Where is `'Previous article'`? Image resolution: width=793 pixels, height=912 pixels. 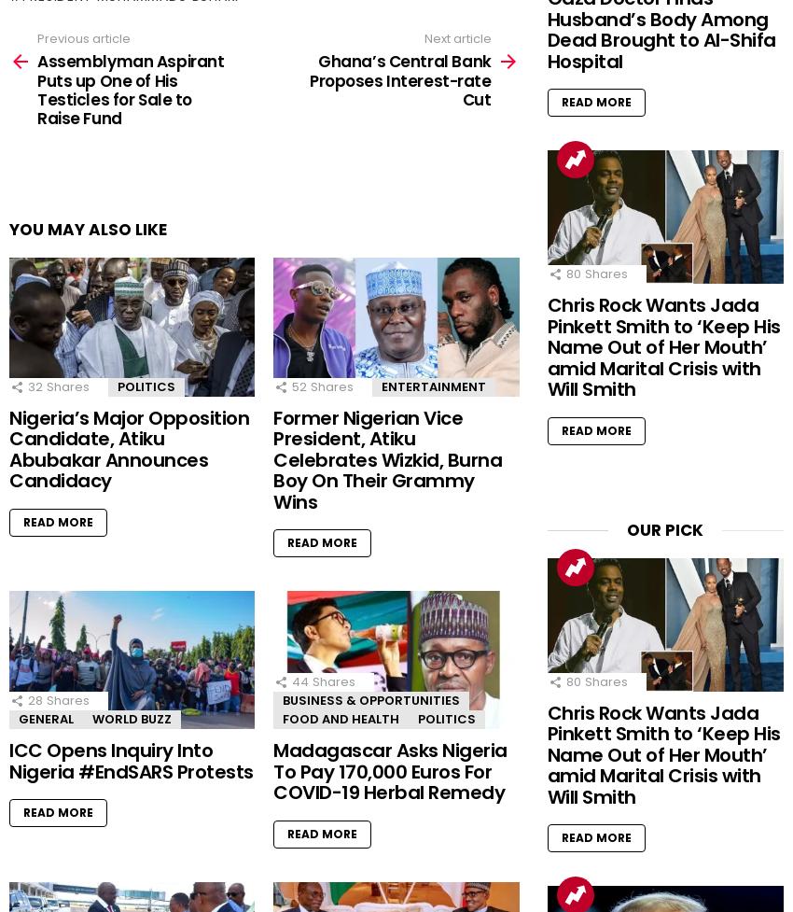 'Previous article' is located at coordinates (83, 37).